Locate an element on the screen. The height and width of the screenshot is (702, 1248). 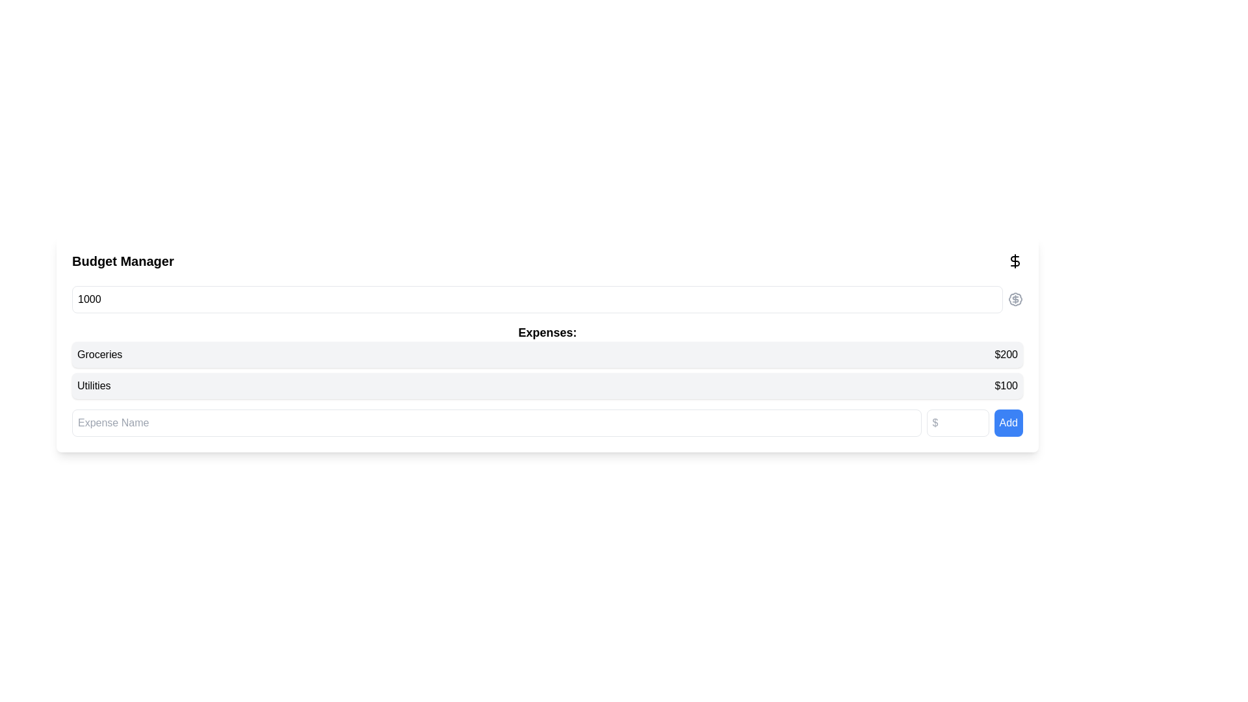
the dollar sign icon that symbolizes monetary values, located to the right of the 'Set your budget' input field with a pre-filled value of 1000 is located at coordinates (1015, 300).